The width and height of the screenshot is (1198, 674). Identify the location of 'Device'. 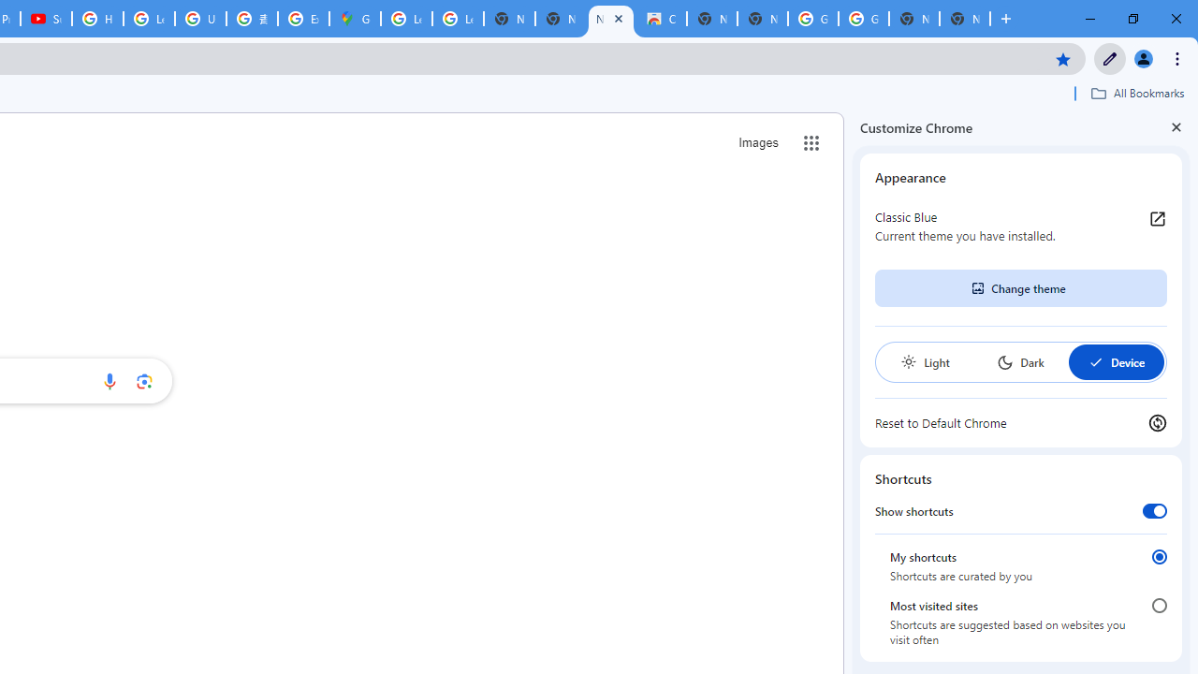
(1116, 362).